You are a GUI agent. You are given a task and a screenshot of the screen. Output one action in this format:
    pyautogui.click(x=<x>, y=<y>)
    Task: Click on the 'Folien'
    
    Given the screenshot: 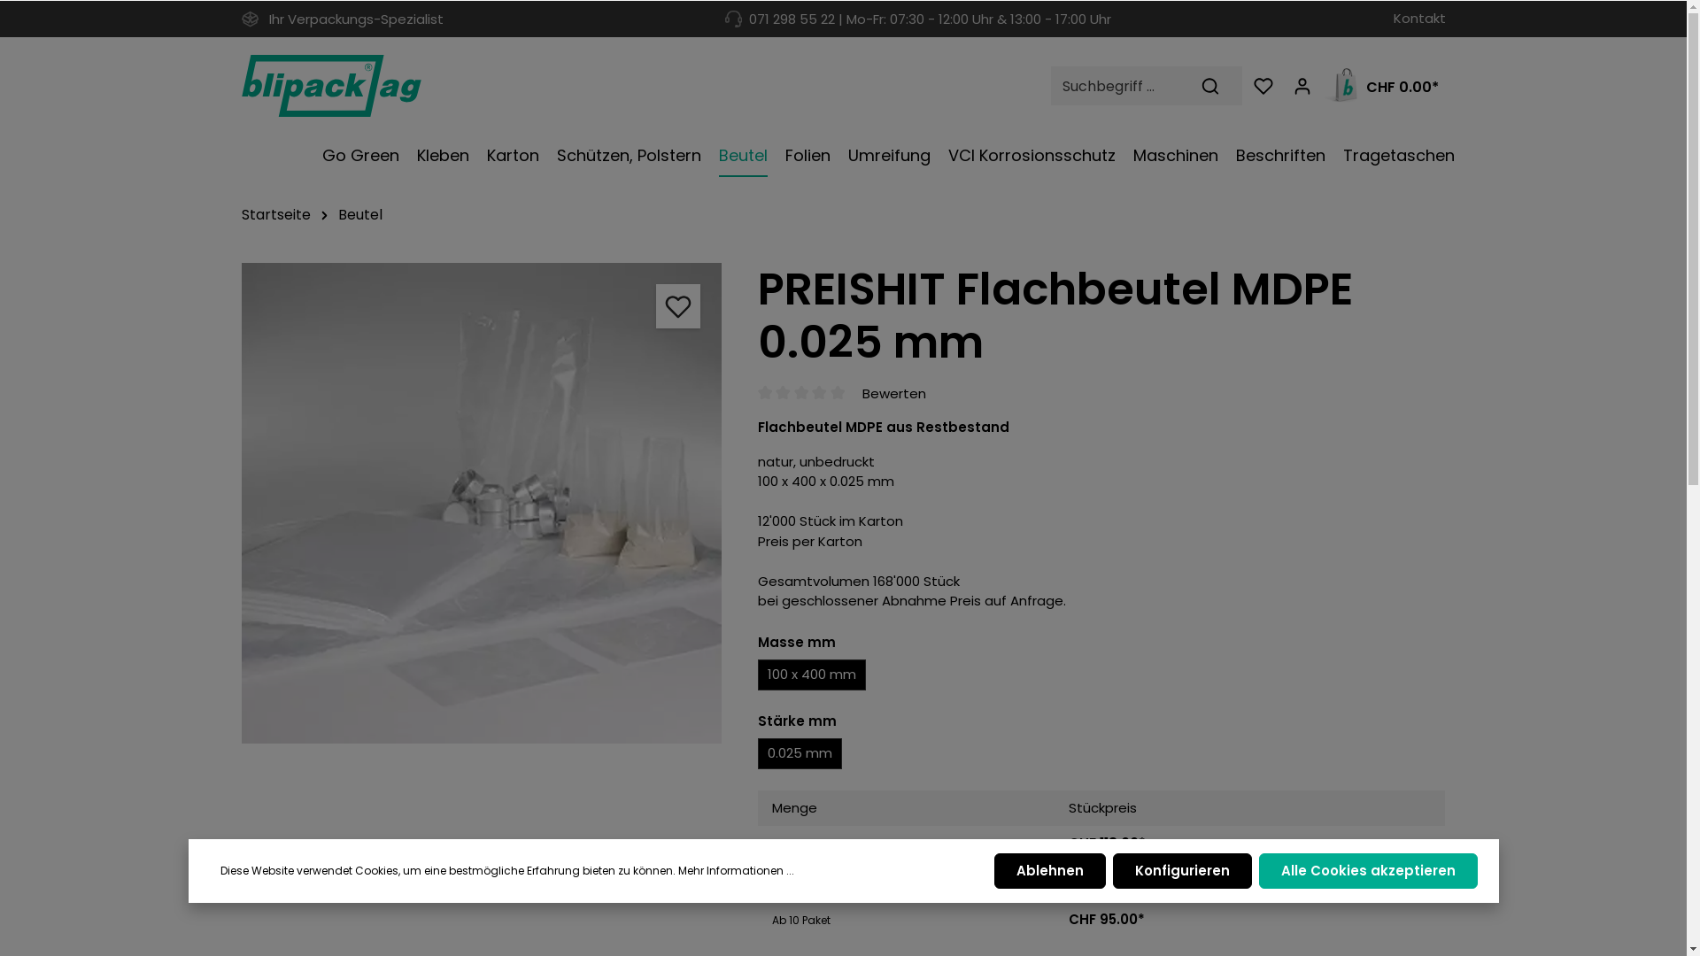 What is the action you would take?
    pyautogui.click(x=806, y=155)
    